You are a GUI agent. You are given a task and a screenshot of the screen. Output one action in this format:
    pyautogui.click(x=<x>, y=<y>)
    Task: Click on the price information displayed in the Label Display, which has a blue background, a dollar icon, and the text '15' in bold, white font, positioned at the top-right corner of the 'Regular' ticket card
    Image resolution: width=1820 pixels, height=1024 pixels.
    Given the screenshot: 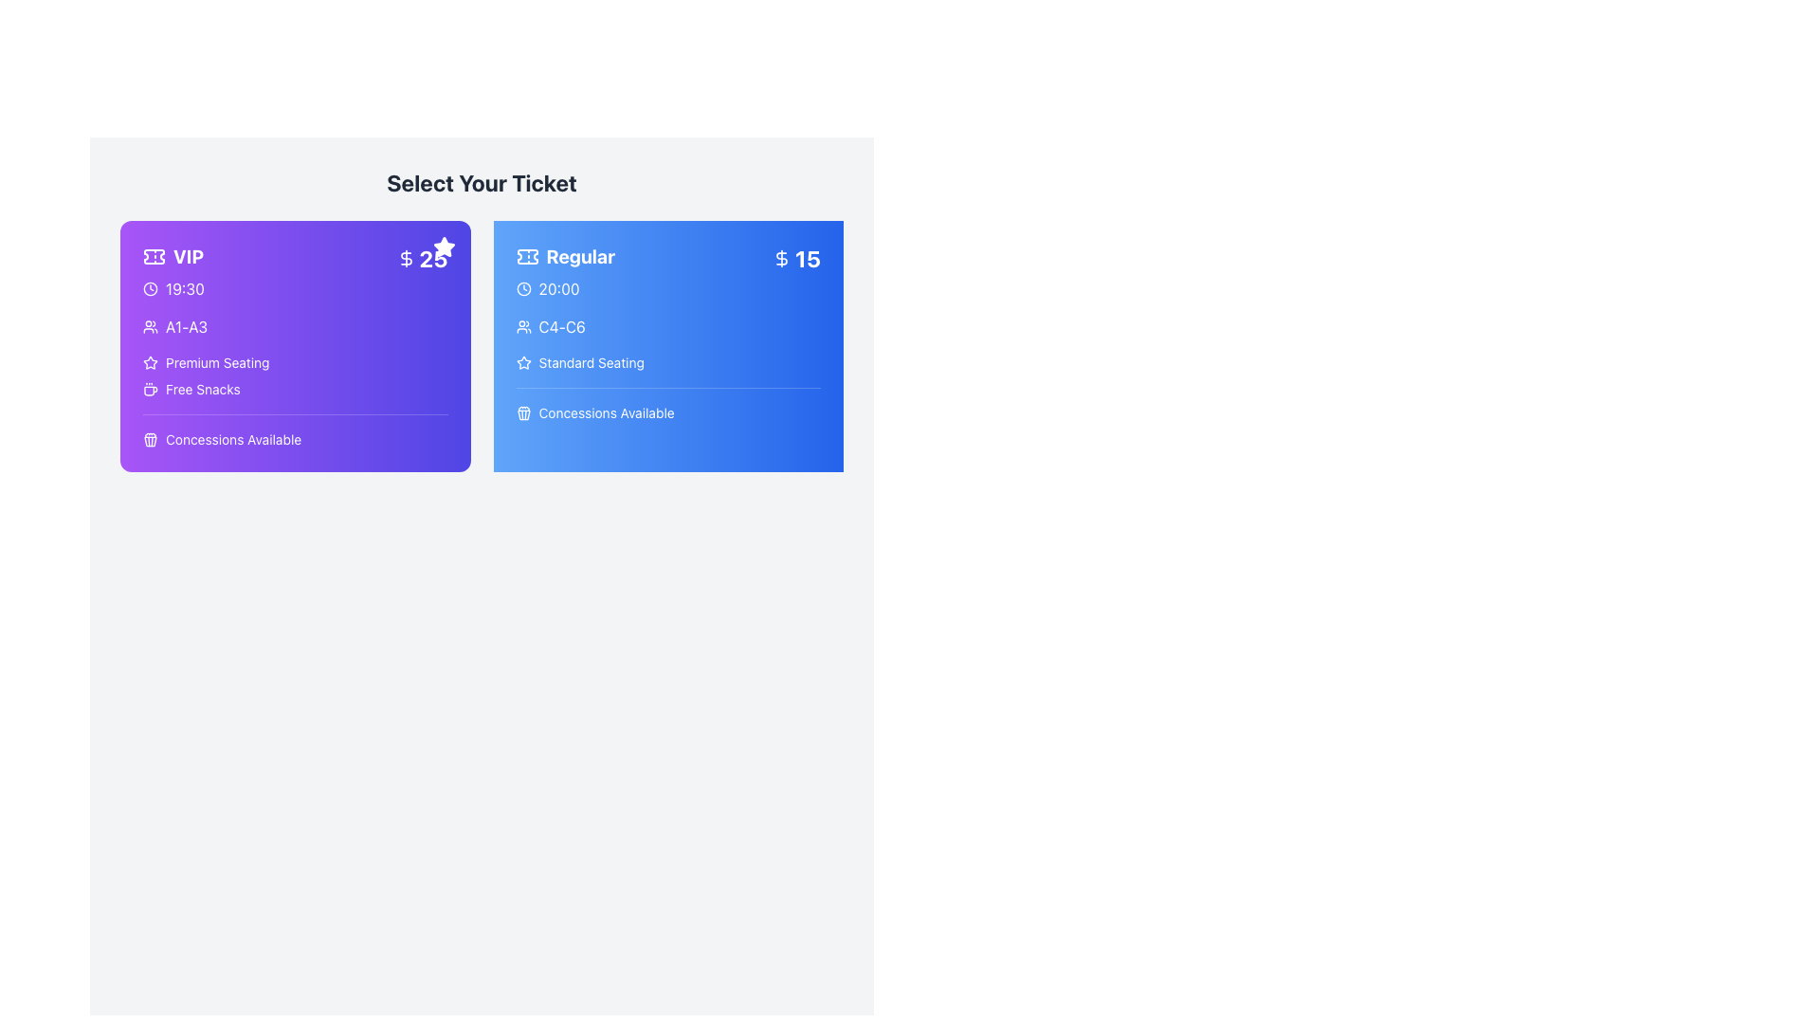 What is the action you would take?
    pyautogui.click(x=796, y=259)
    